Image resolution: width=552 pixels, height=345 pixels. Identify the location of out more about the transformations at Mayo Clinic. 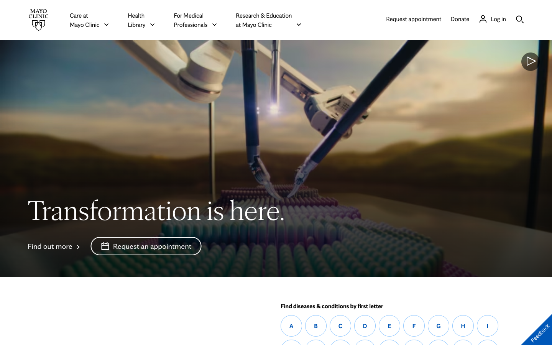
(54, 246).